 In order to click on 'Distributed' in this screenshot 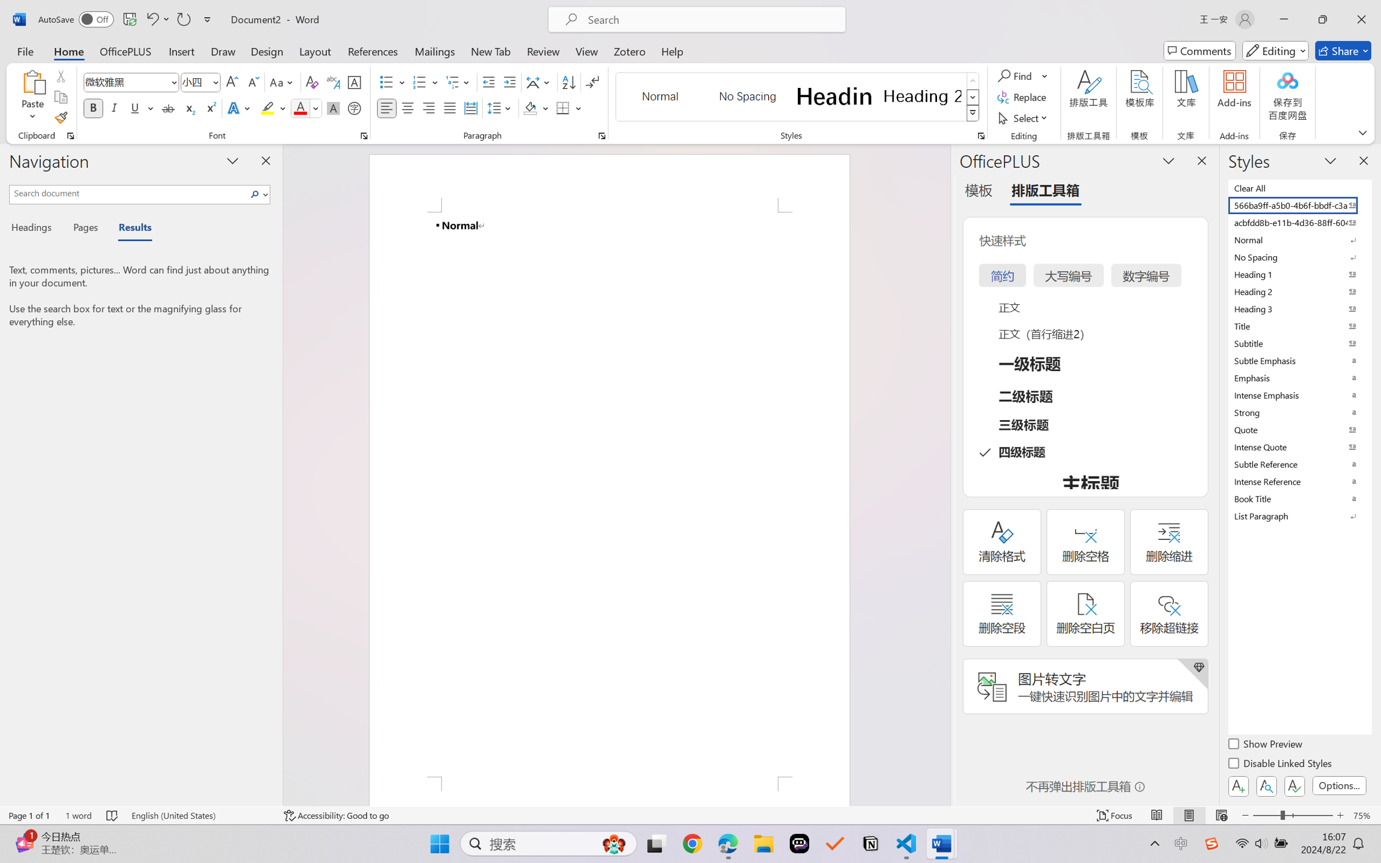, I will do `click(470, 107)`.